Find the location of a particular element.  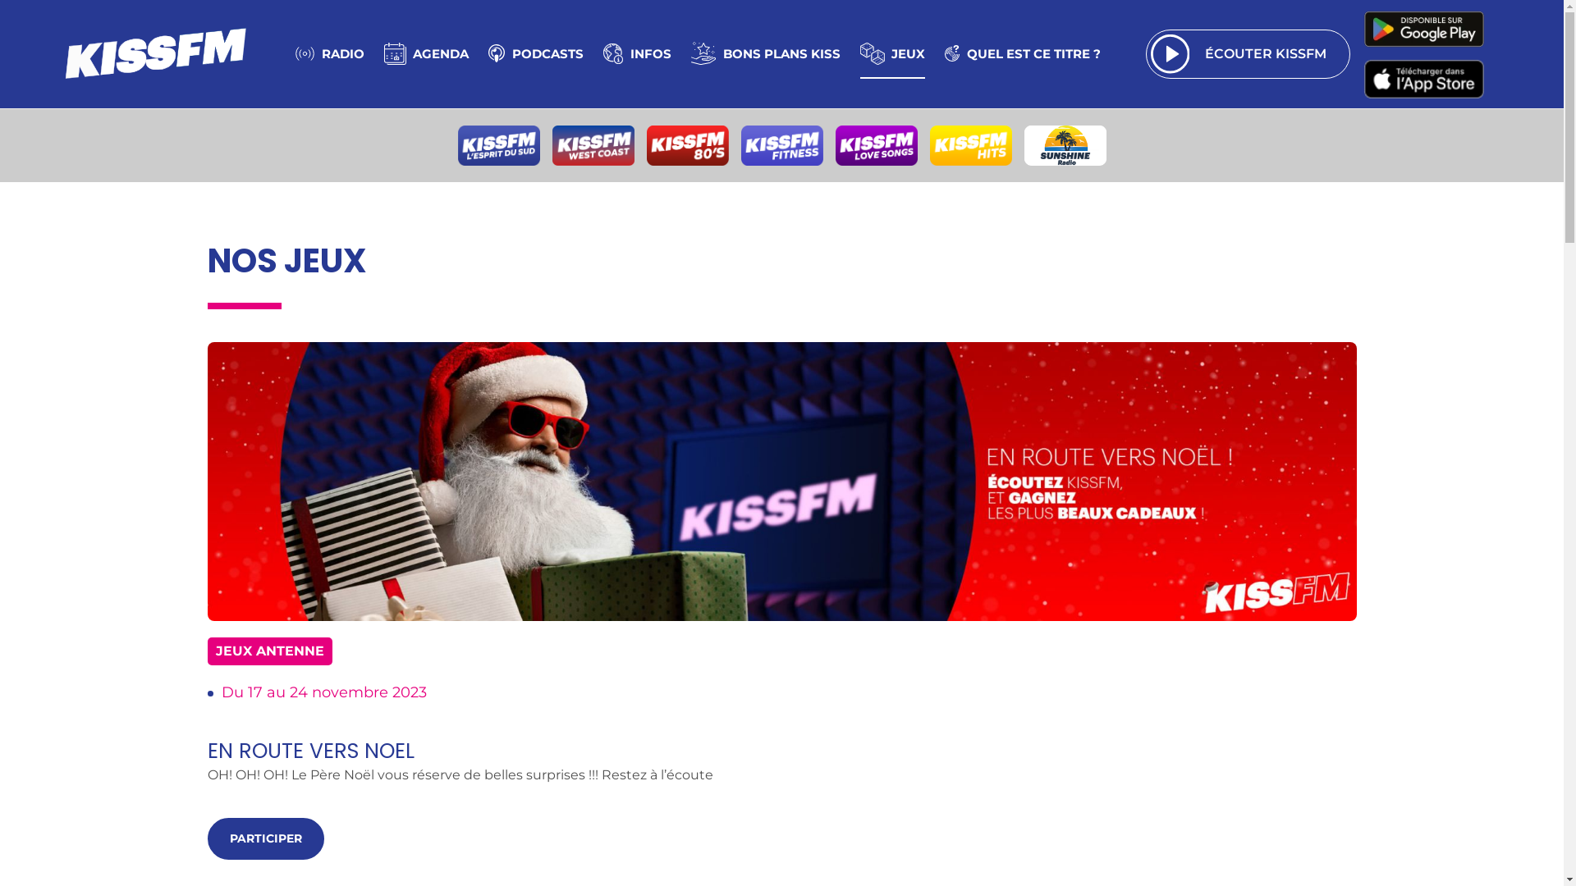

'QUEL EST CE TITRE ?' is located at coordinates (1022, 53).